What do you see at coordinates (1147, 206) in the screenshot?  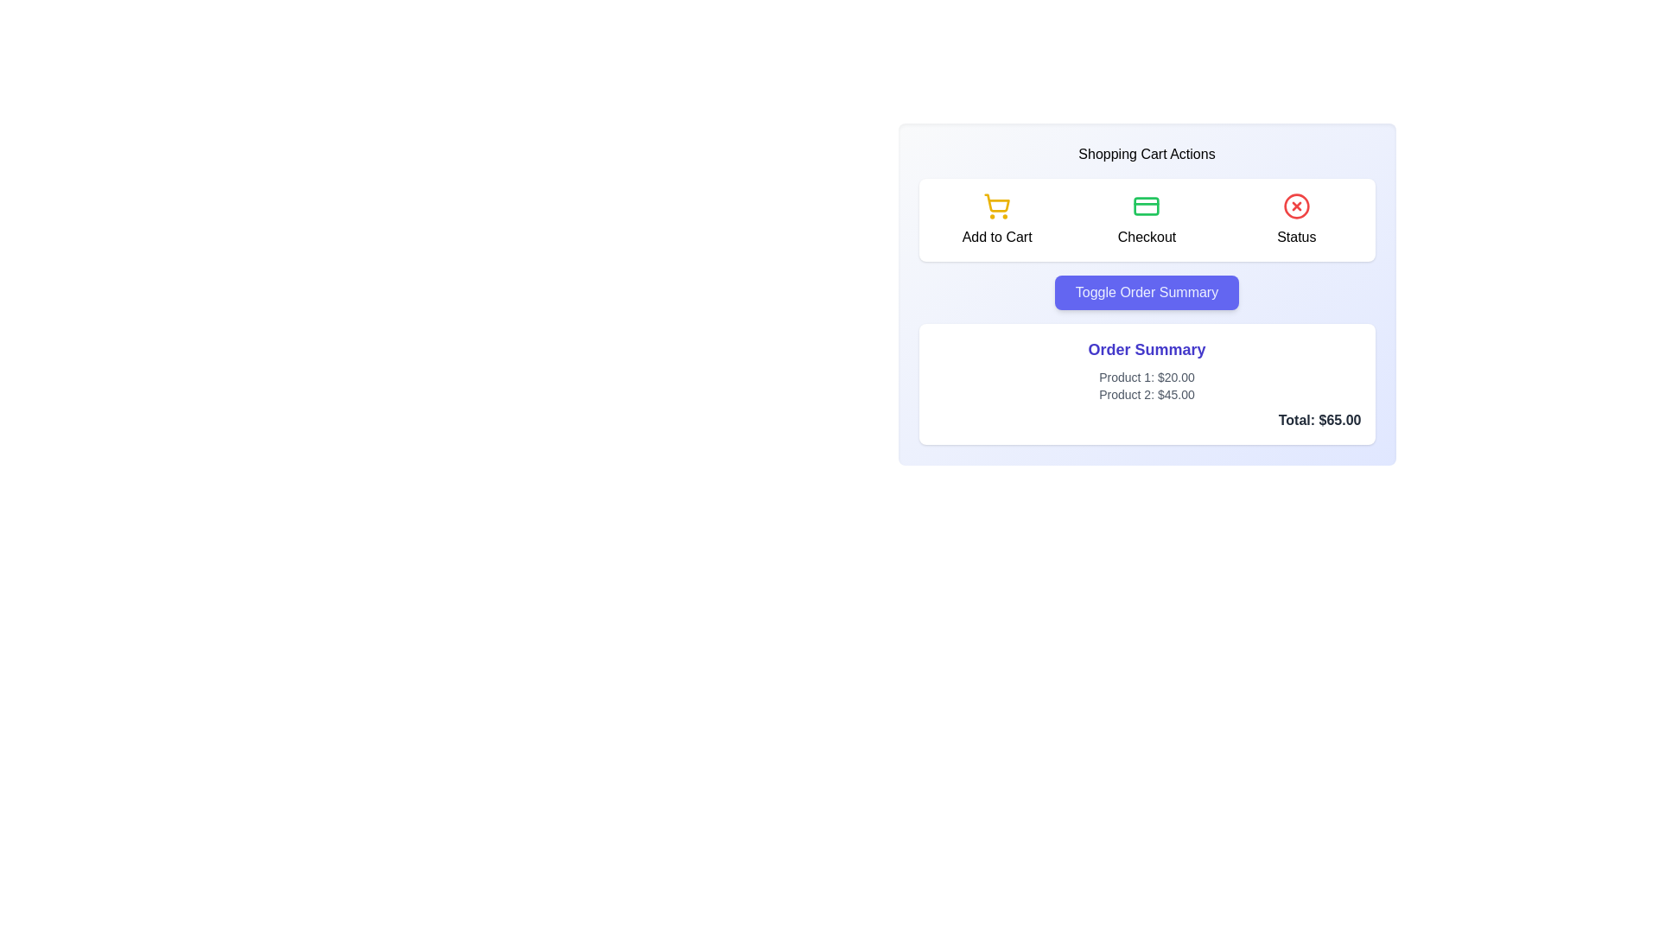 I see `the credit card icon styled in green, located in the second column between the 'Add to Cart' and 'Status' buttons, above the 'Checkout' text, for status indication` at bounding box center [1147, 206].